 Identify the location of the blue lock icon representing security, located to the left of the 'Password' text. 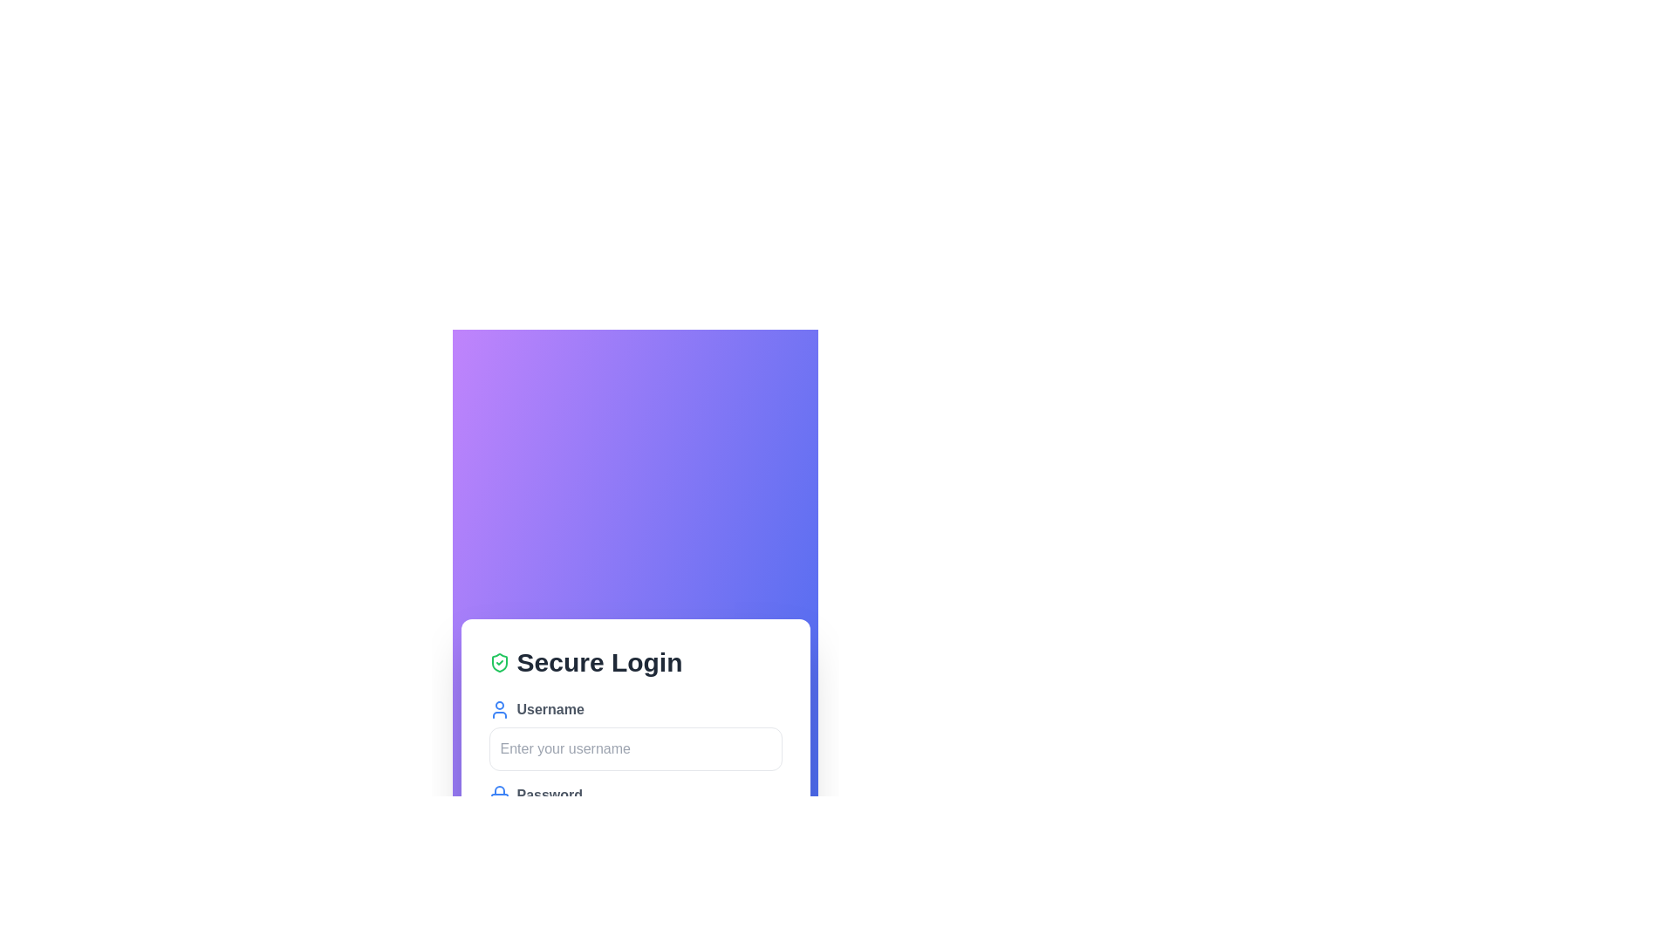
(498, 795).